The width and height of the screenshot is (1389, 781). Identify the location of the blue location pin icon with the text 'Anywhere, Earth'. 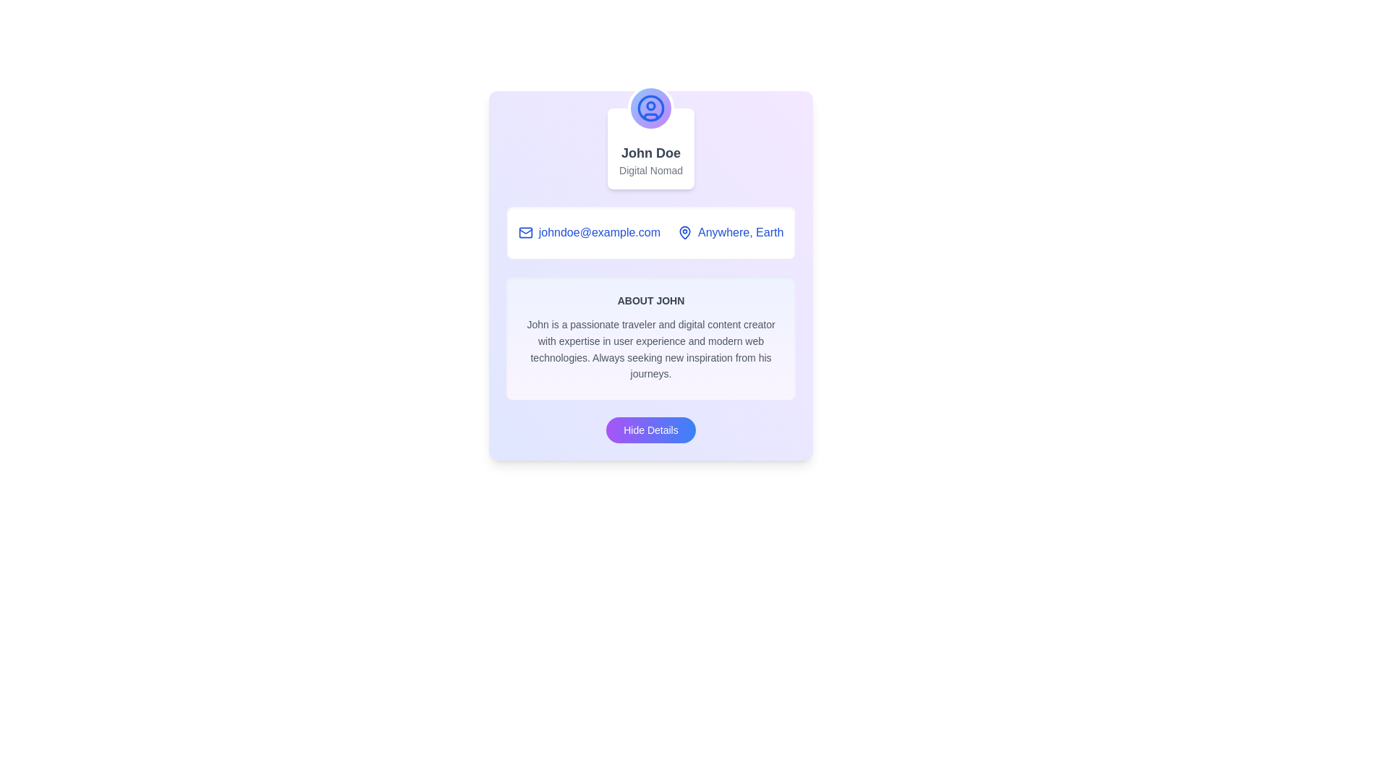
(731, 231).